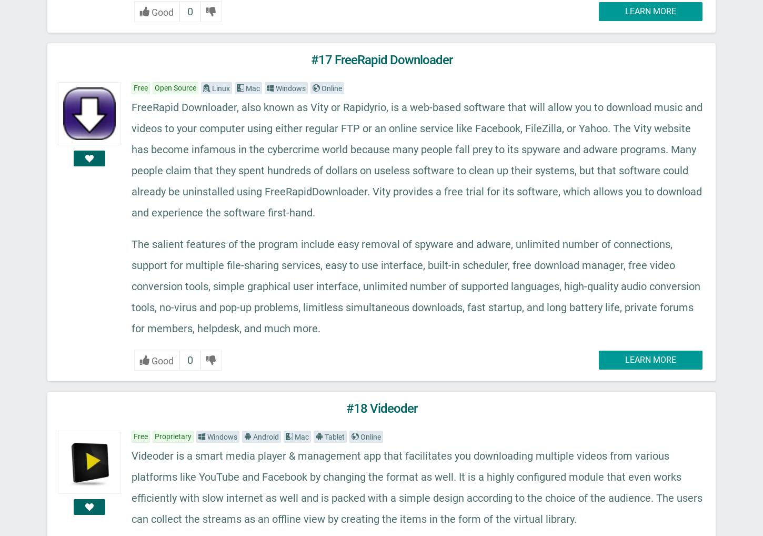 The width and height of the screenshot is (763, 536). I want to click on 'FreeRapid Downloader, also known as Vity or Rapidyrio, is a web-based software that will allow you to download music and videos to your computer using either regular FTP or an online service like Facebook, FileZilla, or Yahoo. The Vity website has become infamous in the cybercrime world because many people fall prey to its spyware and adware programs. Many people claim that they spent hundreds of dollars on useless software to clean up their systems, but that software could already be uninstalled using FreeRapidDownloader. Vity provides a free trial for its software, which allows you to download and experience the software first-hand.', so click(417, 160).